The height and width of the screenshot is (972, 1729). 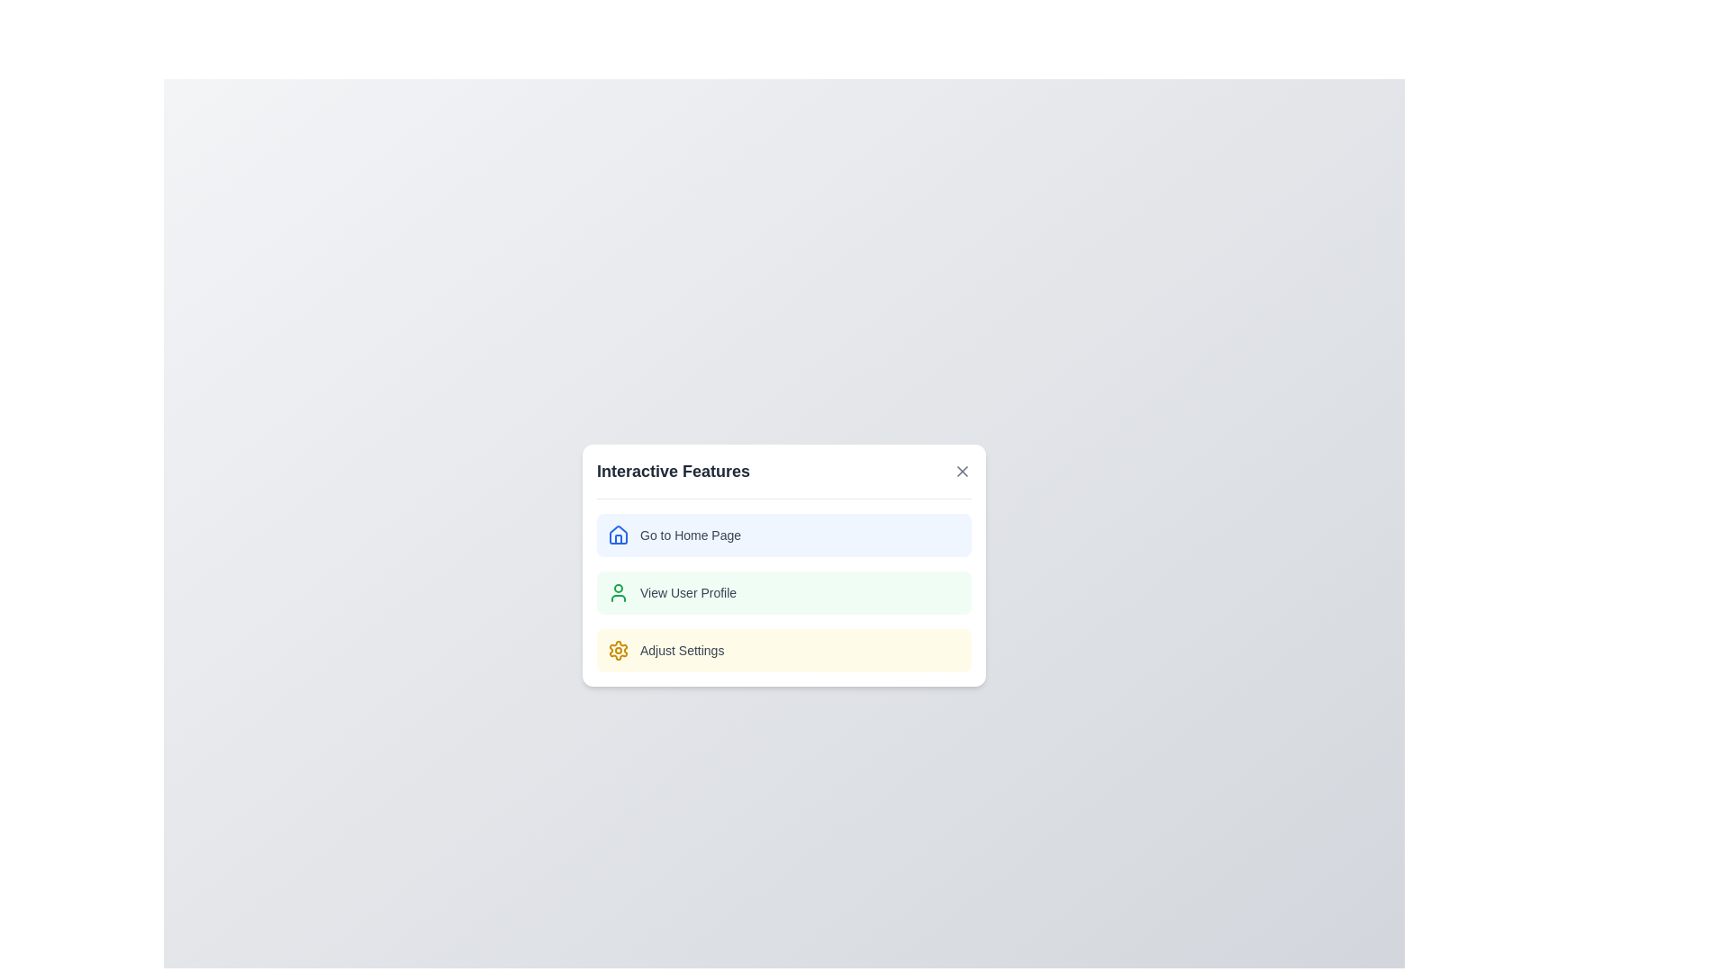 I want to click on the 'Adjust Settings' text label located in the third entry of the list of interactive features, which is set against a highlighted yellowish background and has a gear icon to its left, so click(x=681, y=650).